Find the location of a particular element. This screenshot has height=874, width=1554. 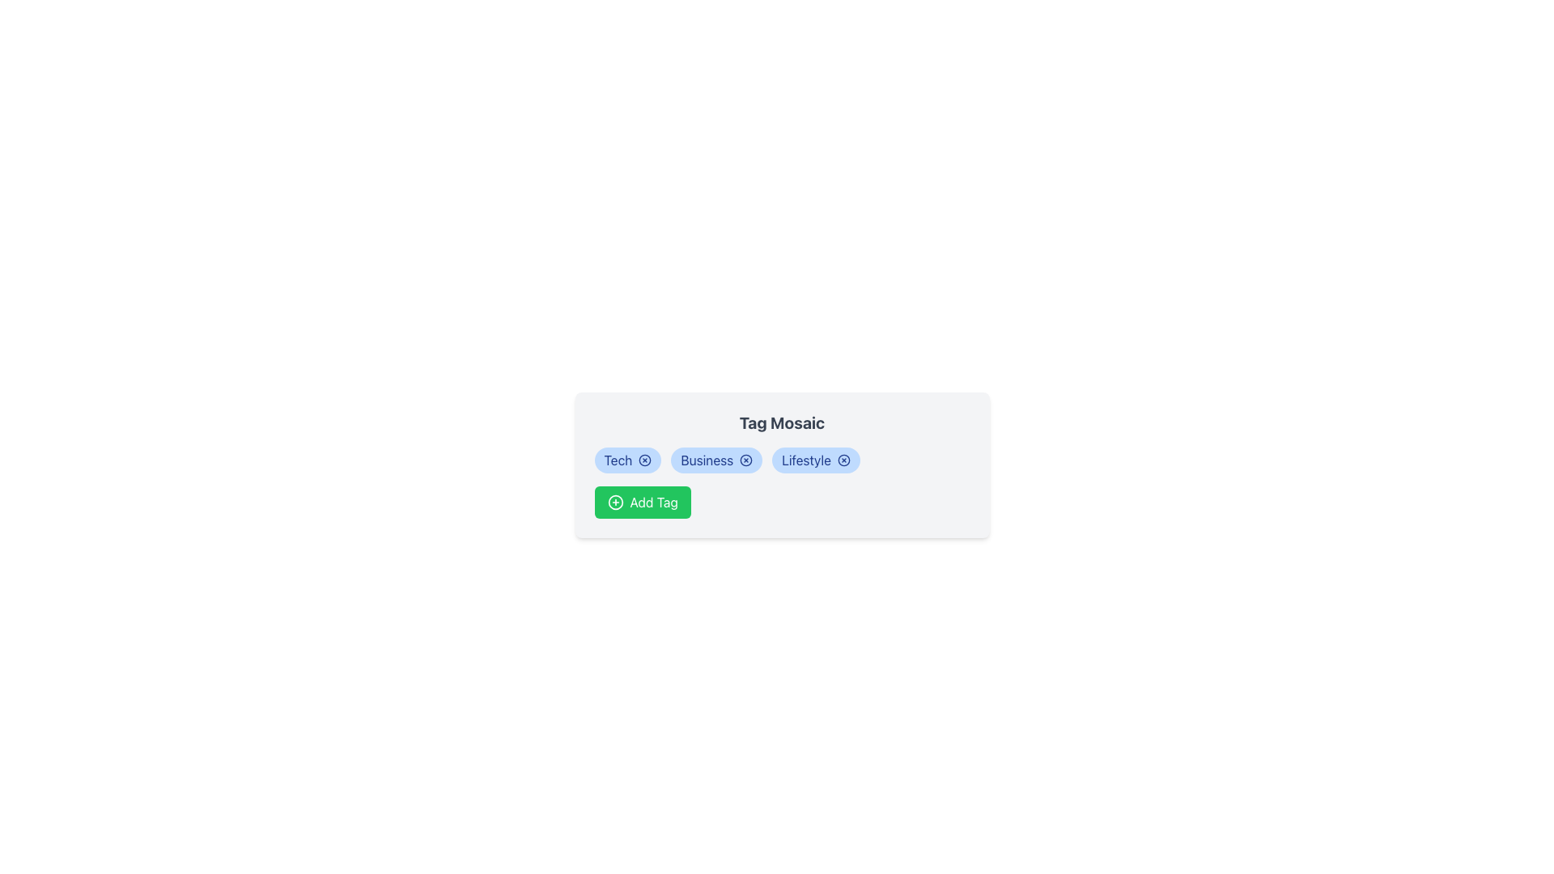

the close button located to the right of the 'Business' tag is located at coordinates (745, 460).